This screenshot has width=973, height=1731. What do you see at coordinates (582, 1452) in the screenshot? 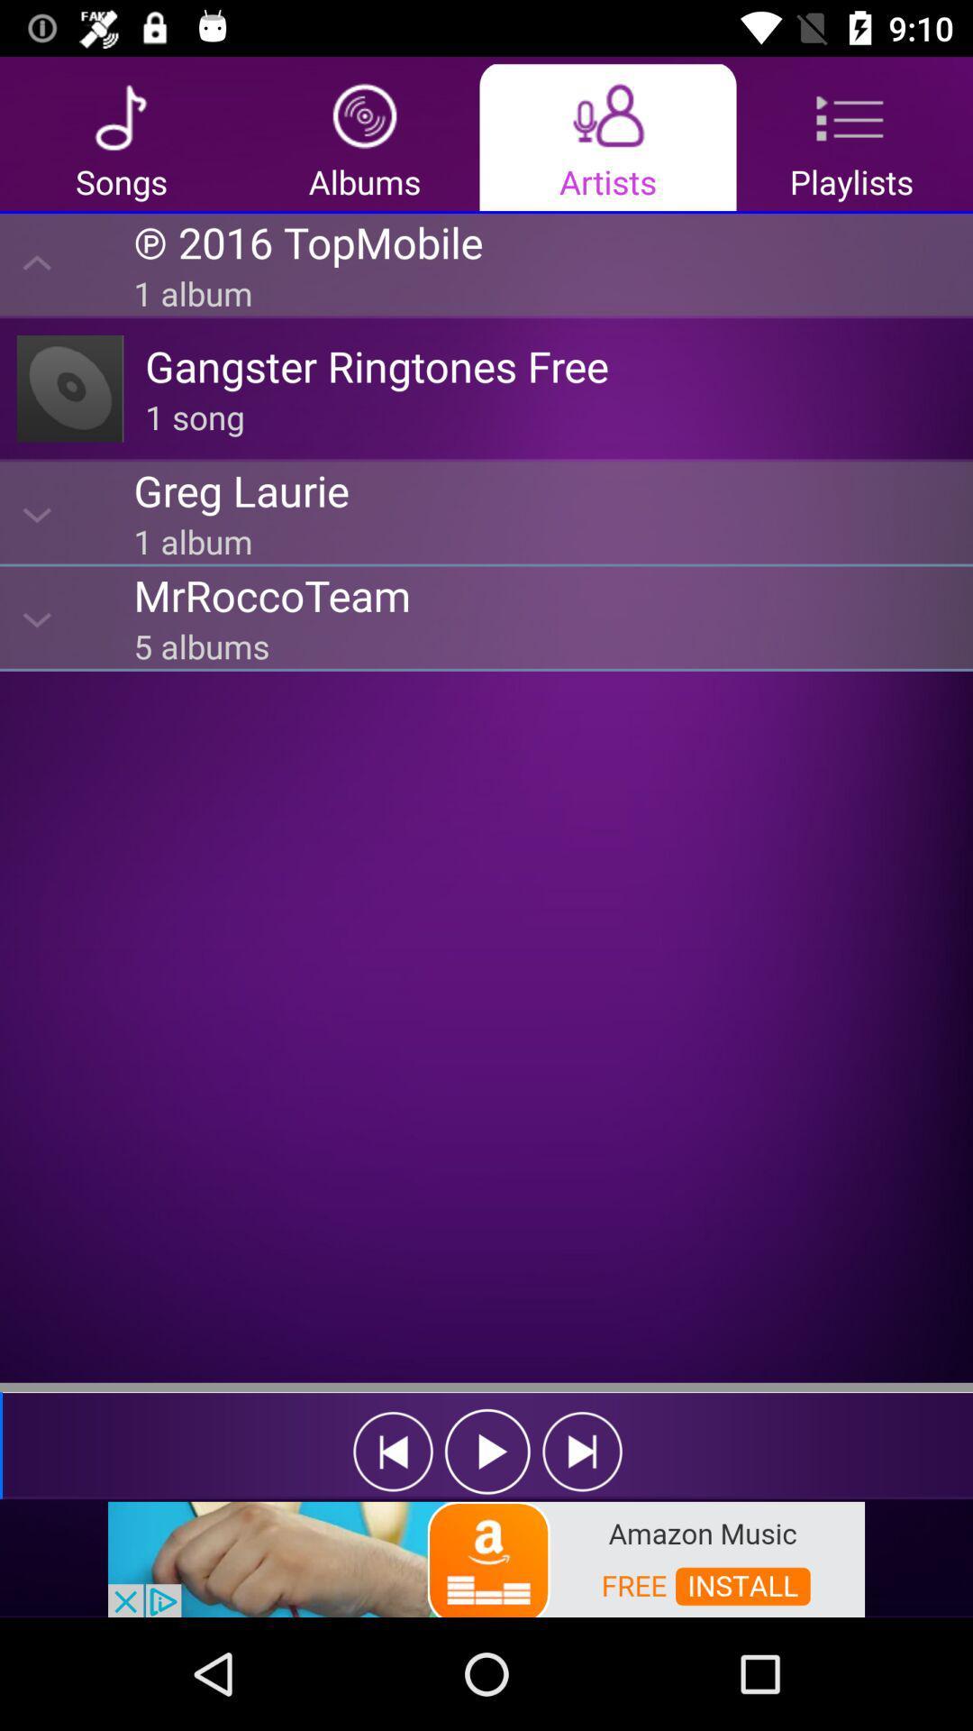
I see `next option` at bounding box center [582, 1452].